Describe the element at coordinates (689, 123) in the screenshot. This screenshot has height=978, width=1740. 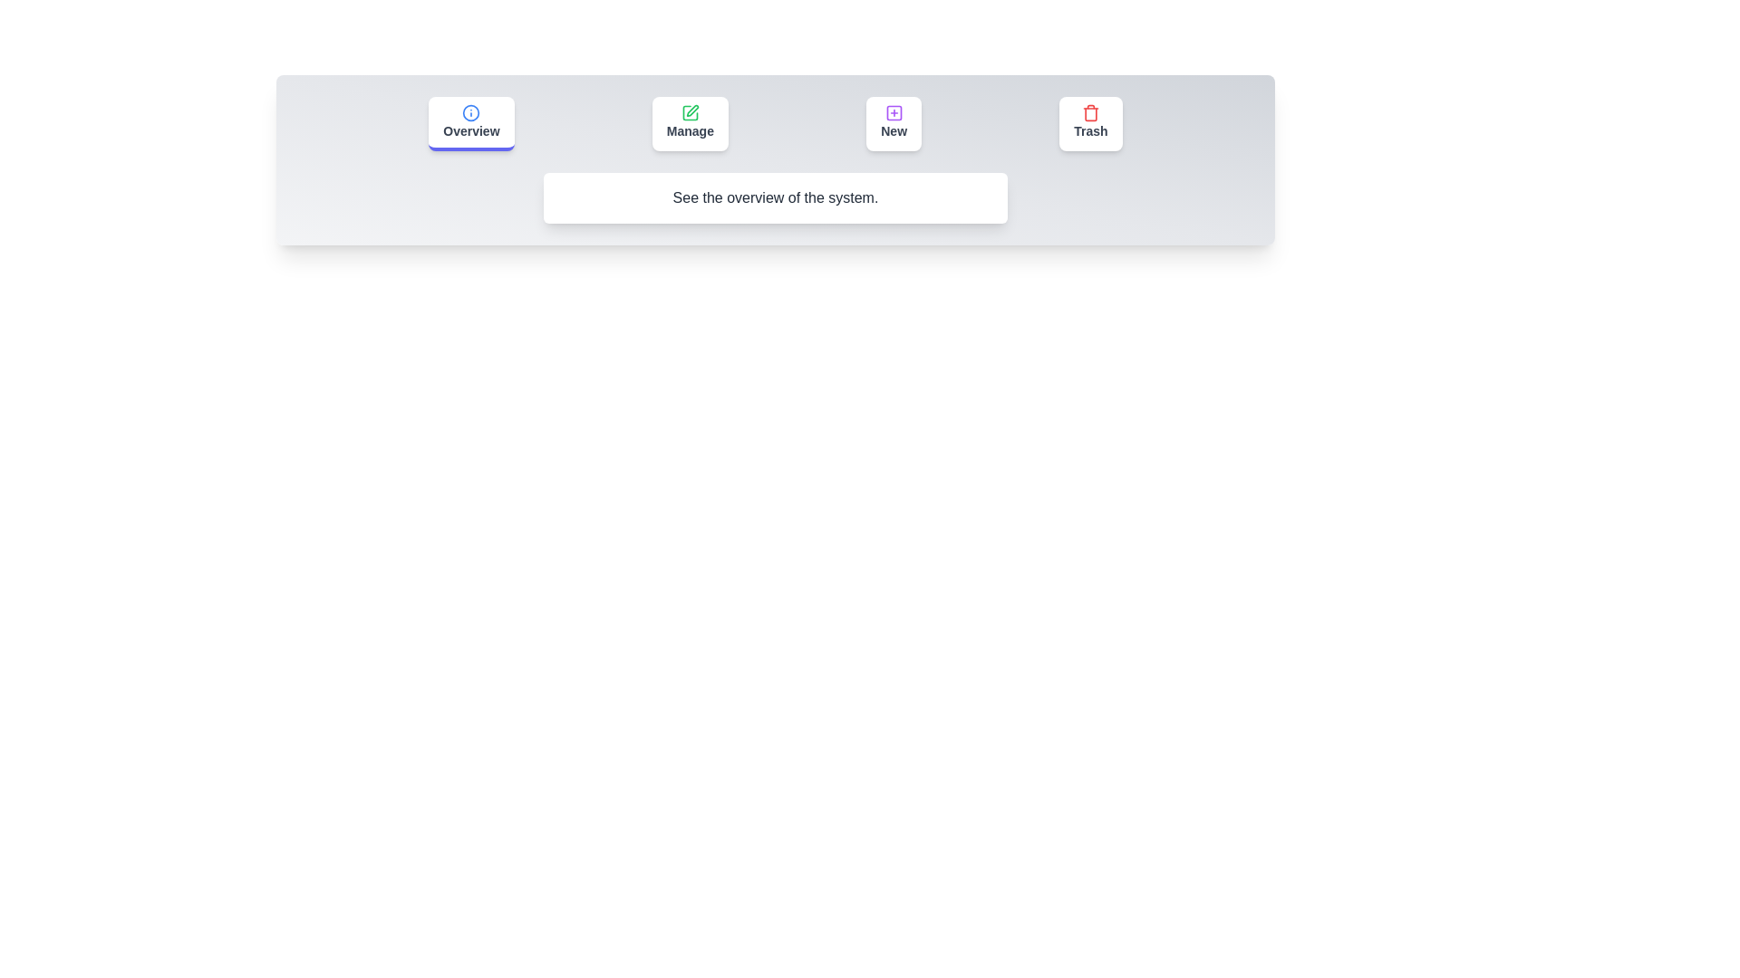
I see `the tab labeled Manage` at that location.